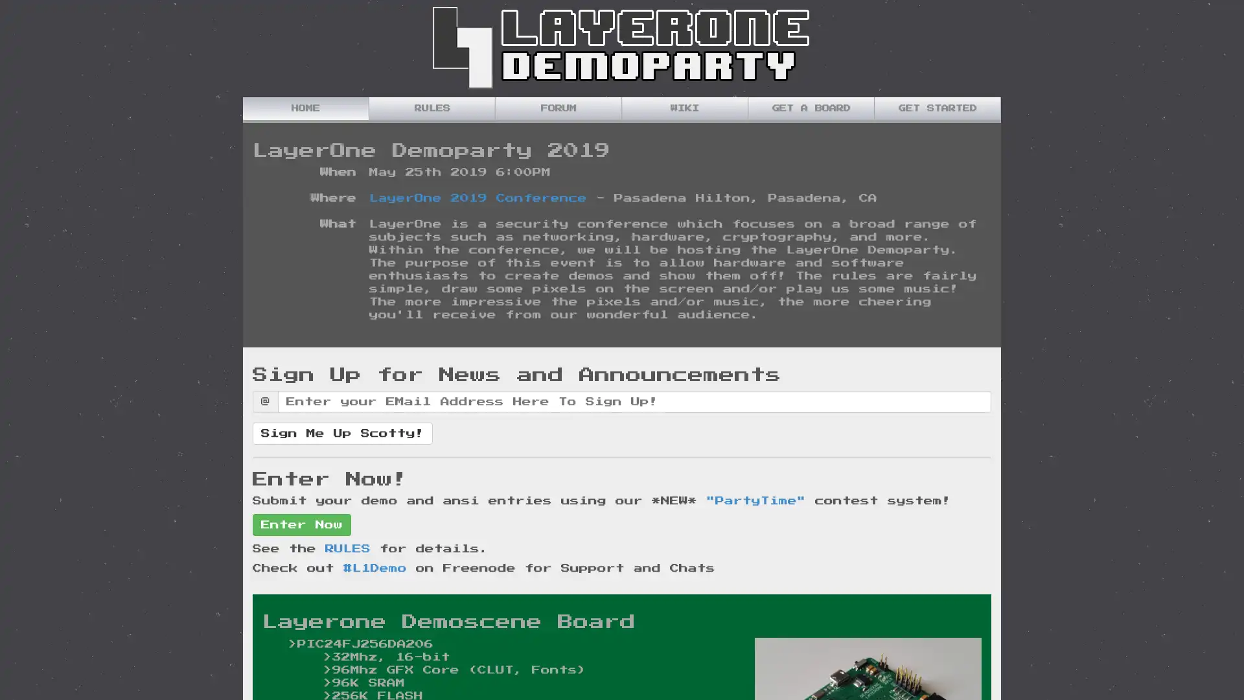 This screenshot has width=1244, height=700. Describe the element at coordinates (342, 432) in the screenshot. I see `Sign Me Up Scotty!` at that location.